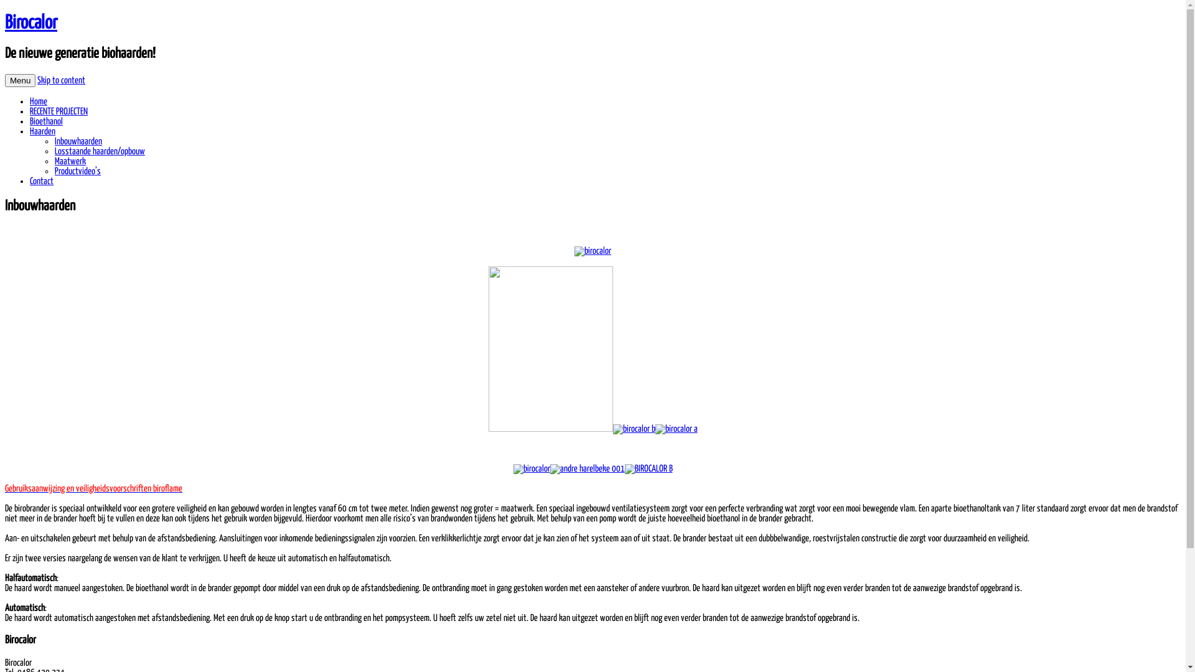 The width and height of the screenshot is (1195, 672). I want to click on 'Inbouwhaarden', so click(54, 141).